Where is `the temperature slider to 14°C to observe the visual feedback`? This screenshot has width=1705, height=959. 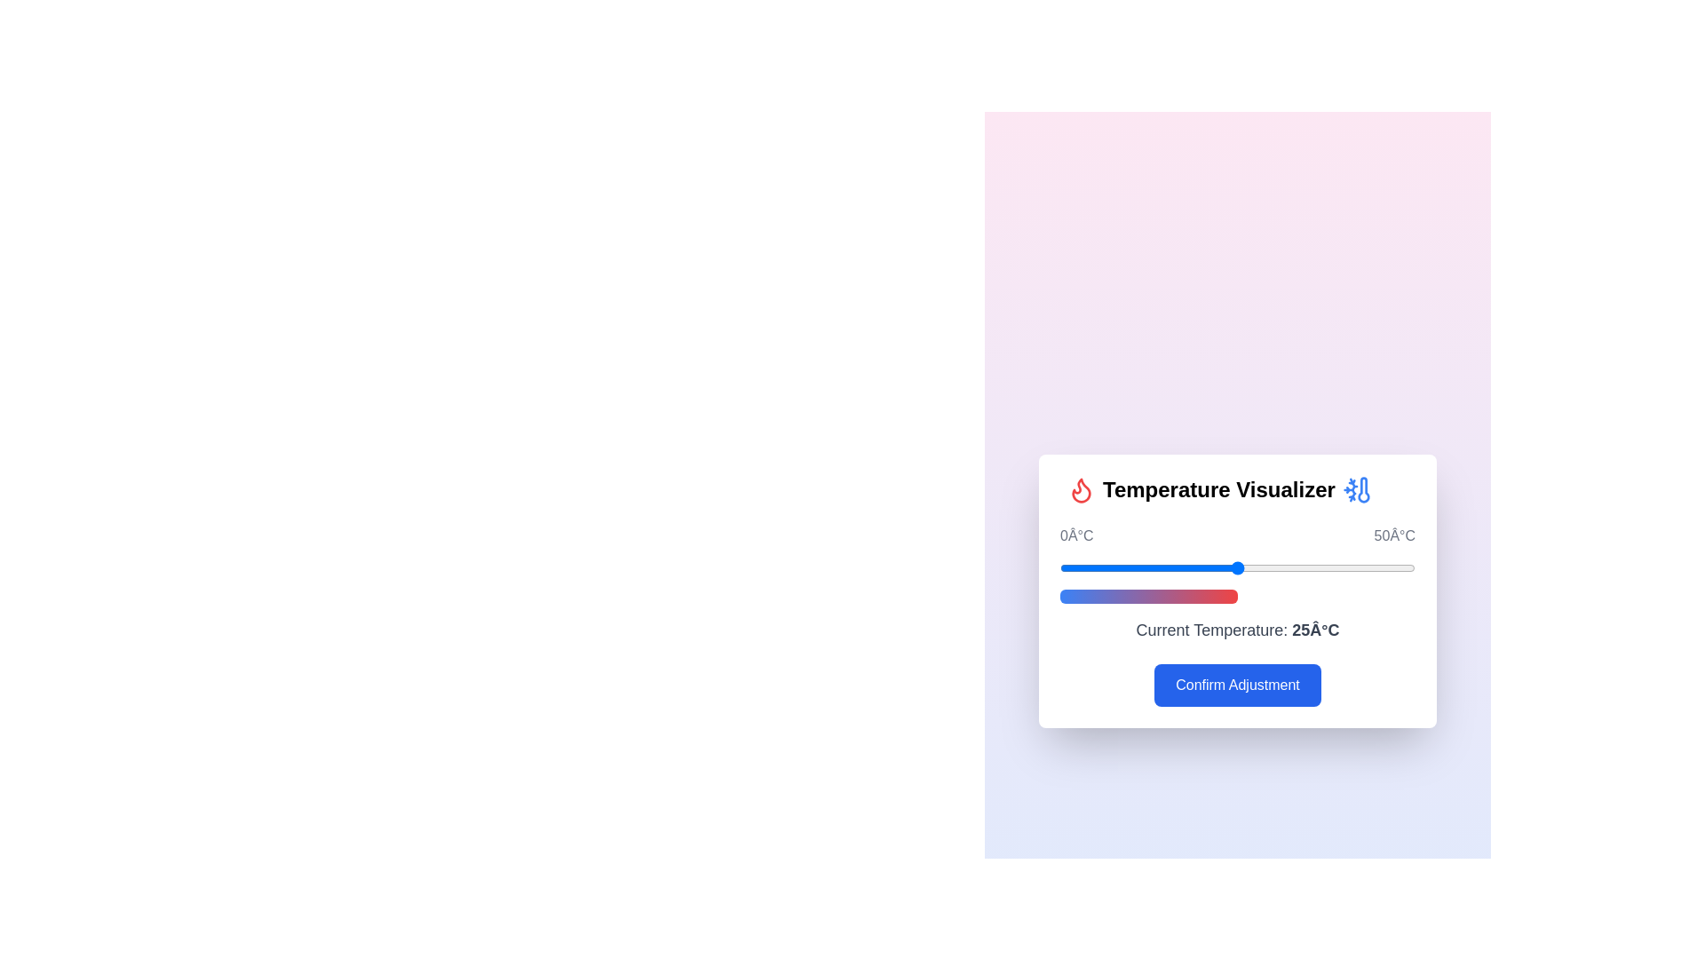 the temperature slider to 14°C to observe the visual feedback is located at coordinates (1159, 568).